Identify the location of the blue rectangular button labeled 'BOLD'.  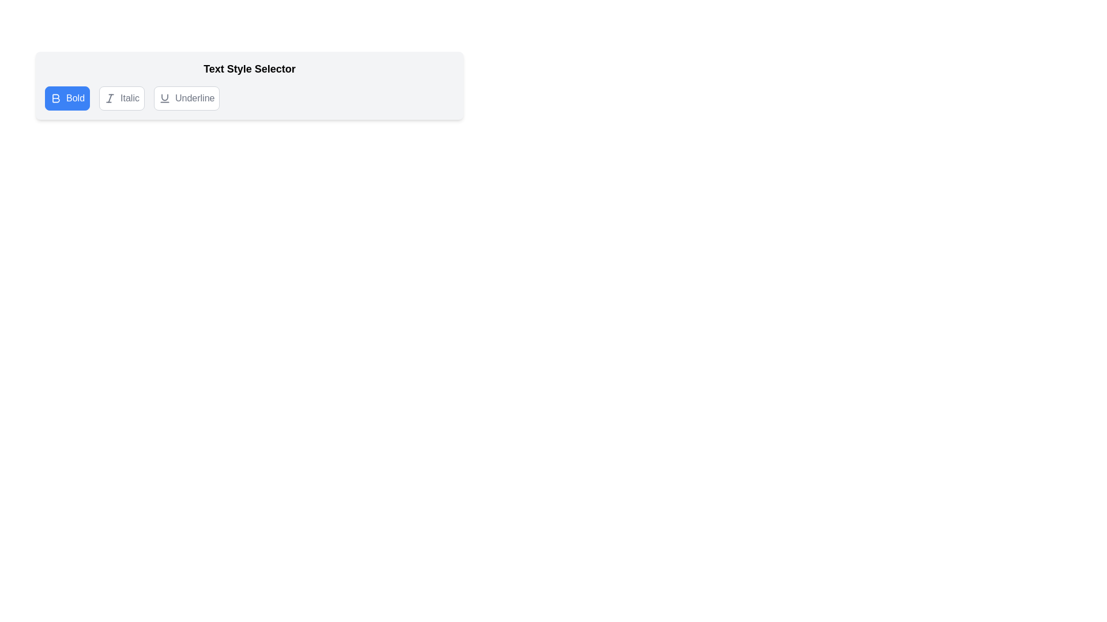
(66, 97).